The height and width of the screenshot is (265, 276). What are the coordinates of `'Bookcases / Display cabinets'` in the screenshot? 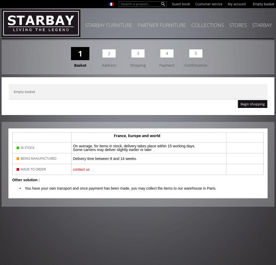 It's located at (29, 91).